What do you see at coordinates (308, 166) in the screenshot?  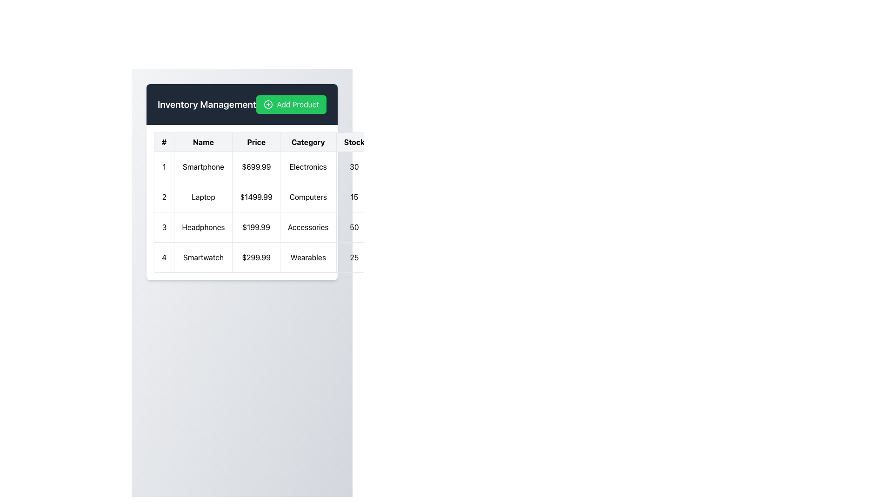 I see `the text label 'Electronics' located in the 'Category' column of the table under the item 'Smartphone'` at bounding box center [308, 166].